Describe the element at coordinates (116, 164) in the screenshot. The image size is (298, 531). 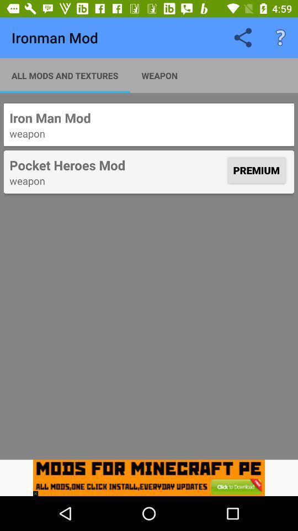
I see `icon above weapon icon` at that location.